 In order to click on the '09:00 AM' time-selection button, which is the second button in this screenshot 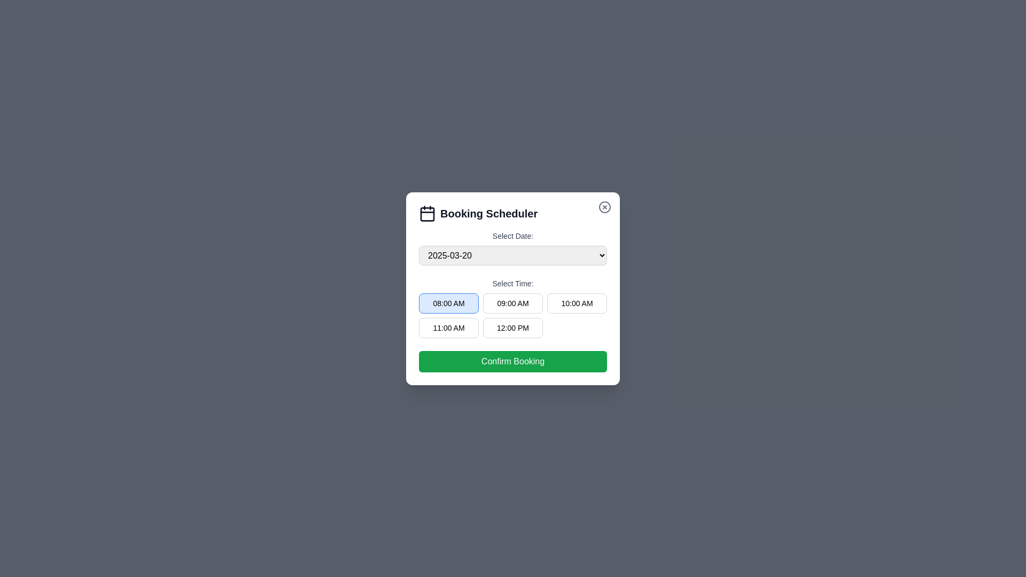, I will do `click(513, 315)`.